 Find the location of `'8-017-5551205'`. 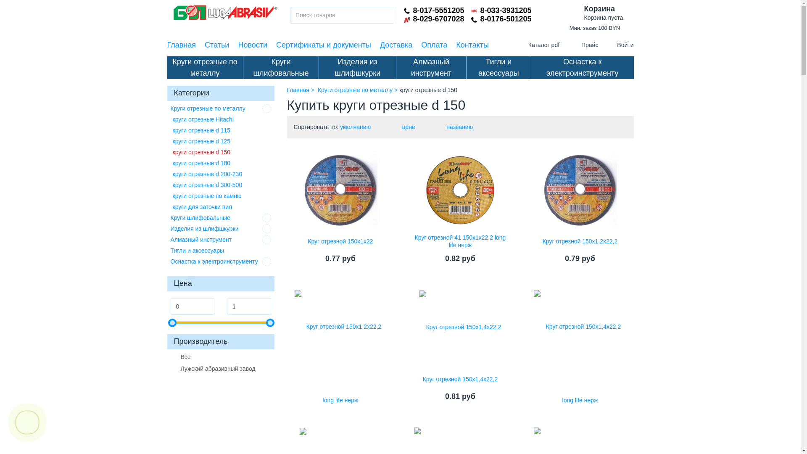

'8-017-5551205' is located at coordinates (411, 10).